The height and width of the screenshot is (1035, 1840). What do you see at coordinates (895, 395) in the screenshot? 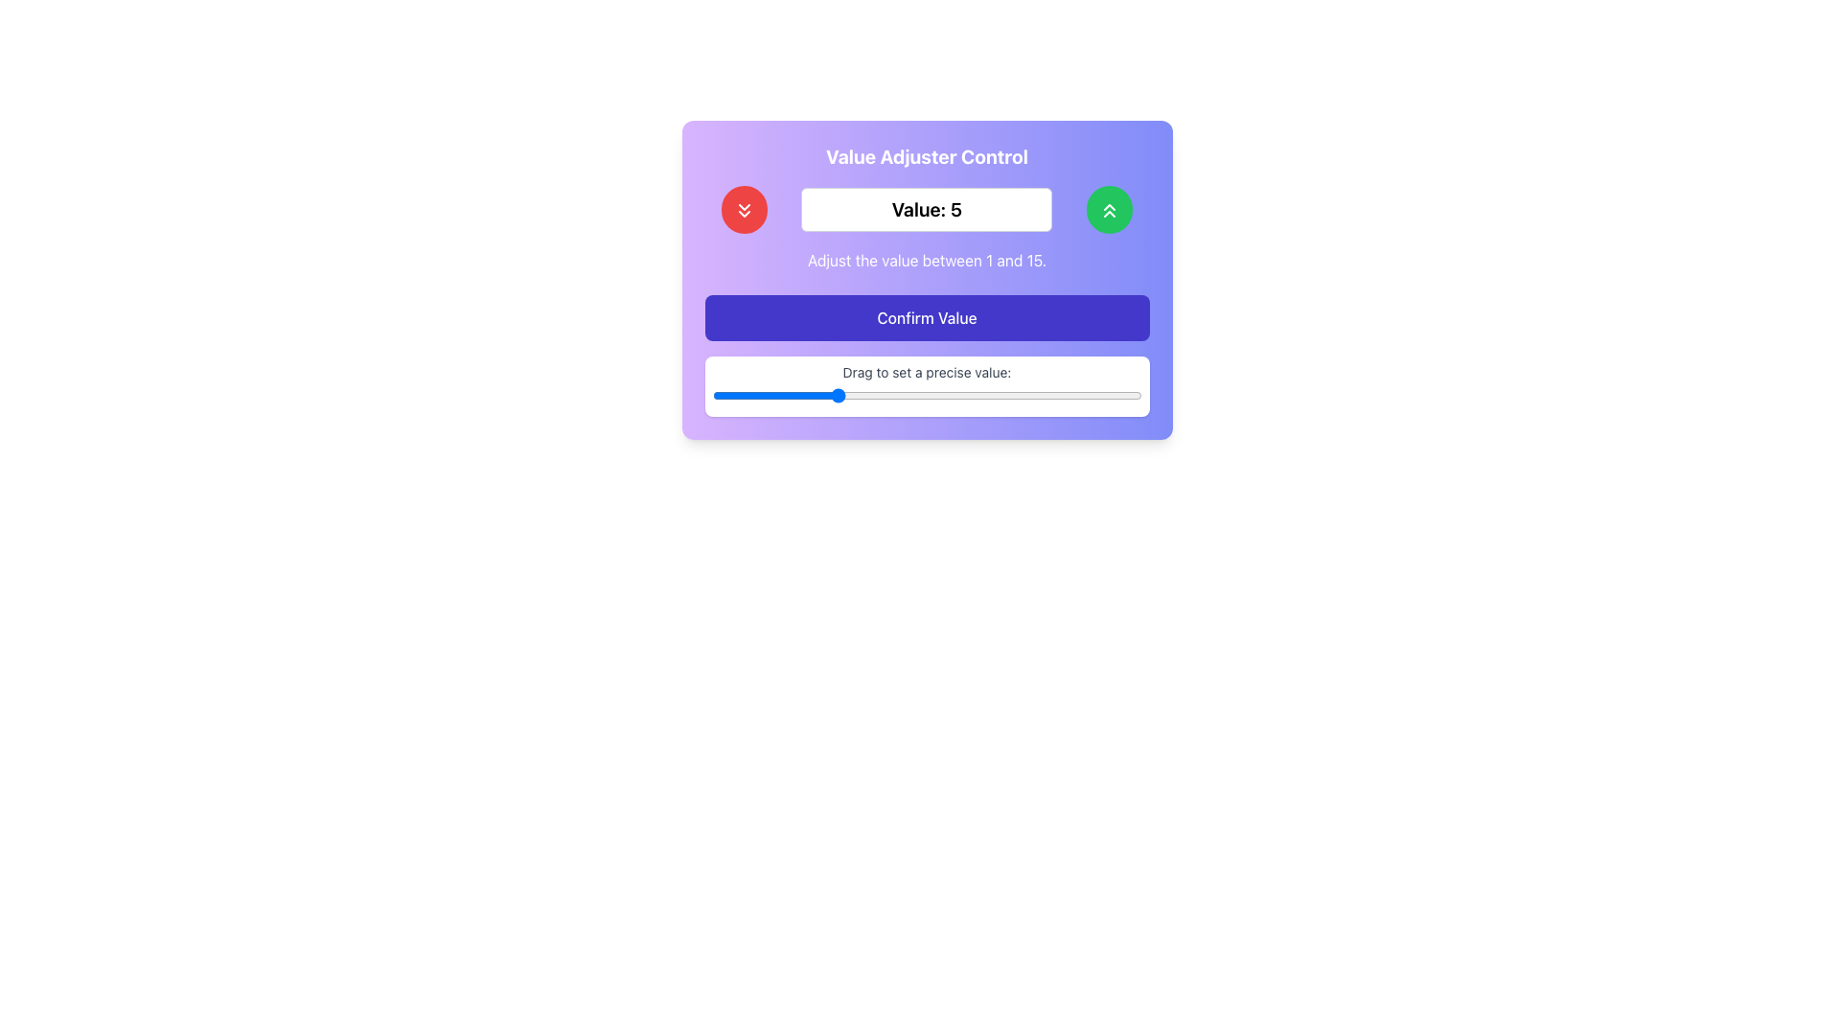
I see `the slider value` at bounding box center [895, 395].